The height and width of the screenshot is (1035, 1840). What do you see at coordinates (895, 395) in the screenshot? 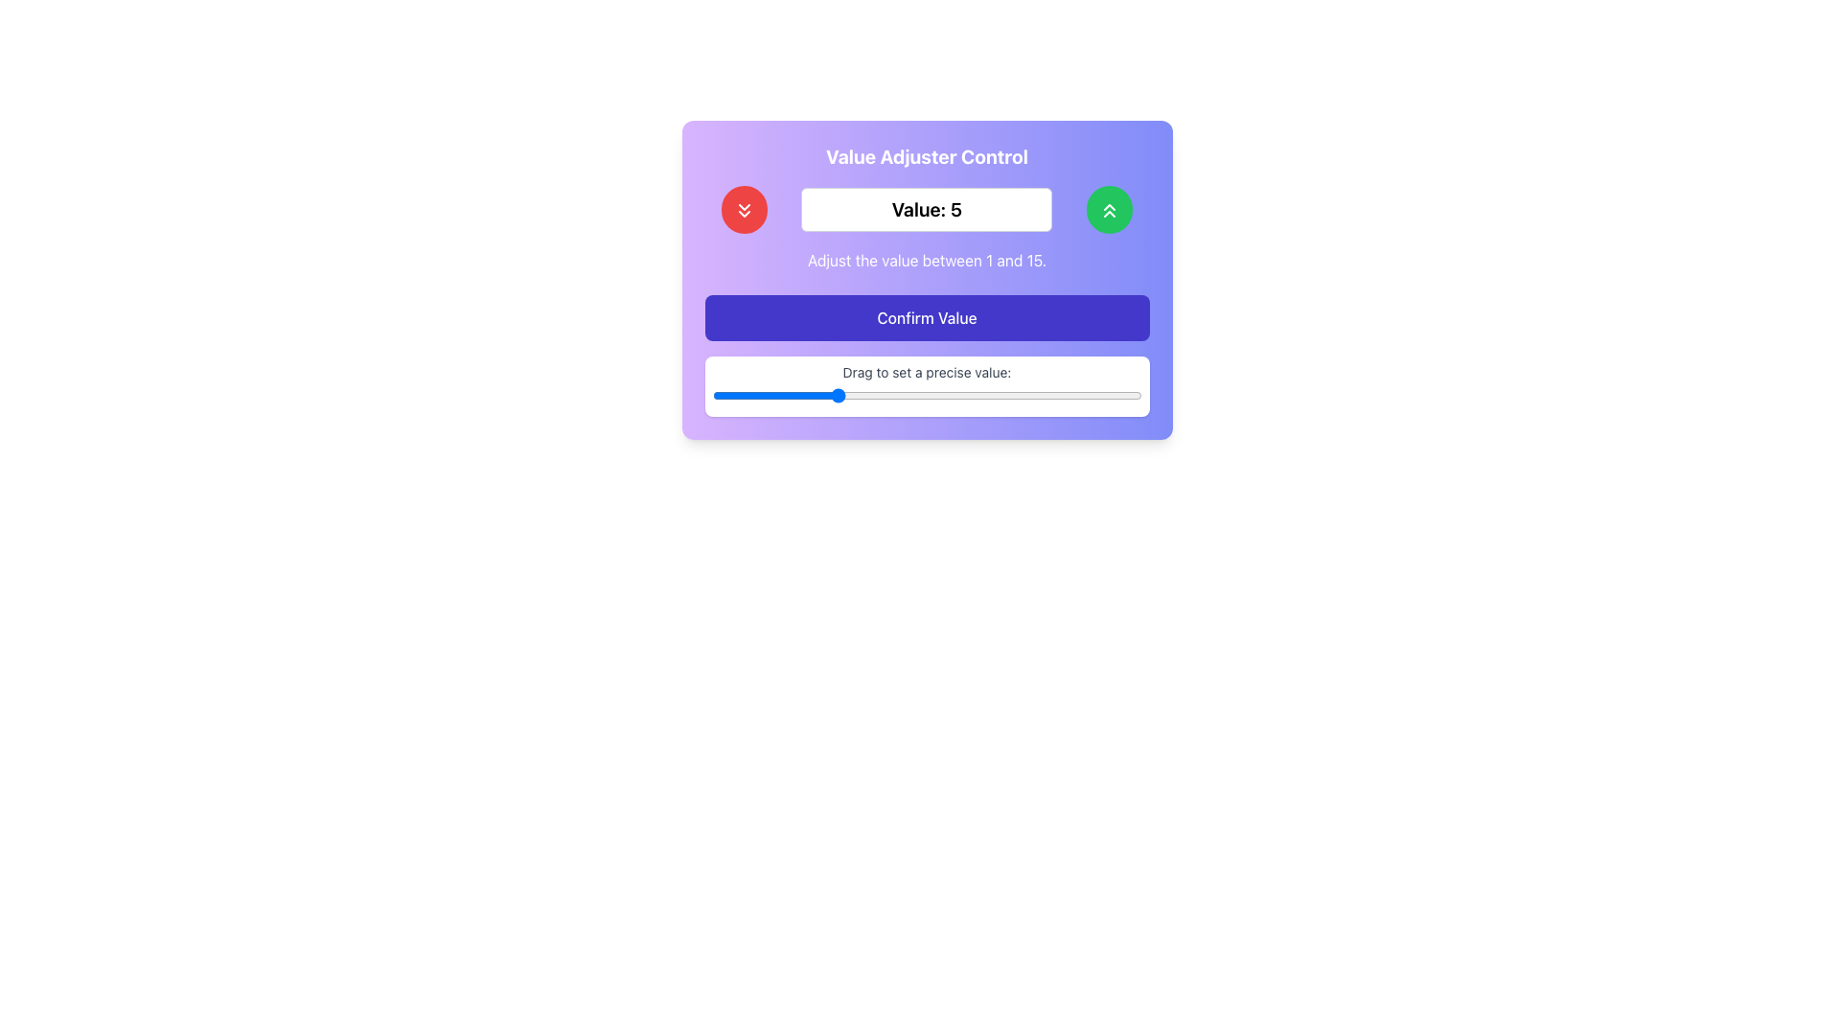
I see `the slider value` at bounding box center [895, 395].